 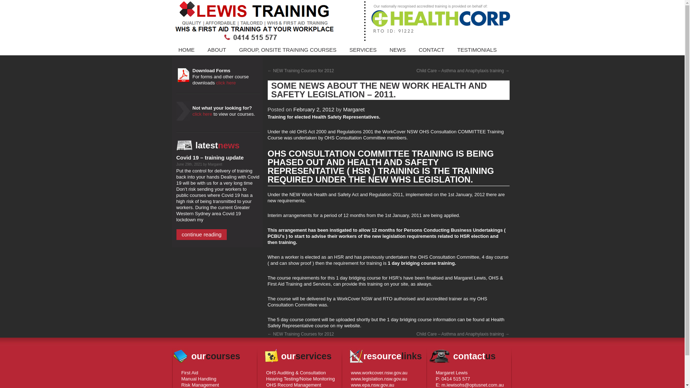 I want to click on 'www.workcover.nsw.gov.au', so click(x=350, y=372).